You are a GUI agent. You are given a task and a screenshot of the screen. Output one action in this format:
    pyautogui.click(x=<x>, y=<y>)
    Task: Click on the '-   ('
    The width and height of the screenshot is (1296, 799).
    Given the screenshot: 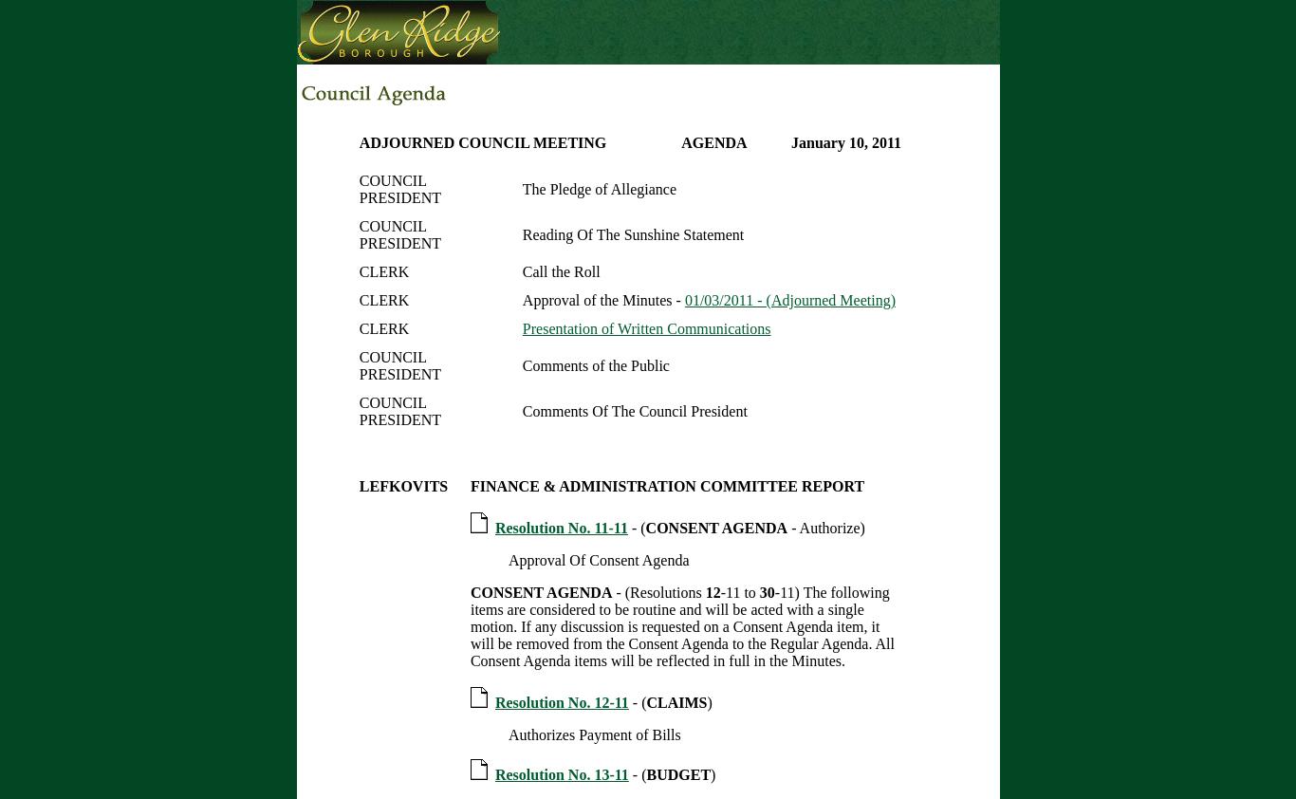 What is the action you would take?
    pyautogui.click(x=626, y=702)
    